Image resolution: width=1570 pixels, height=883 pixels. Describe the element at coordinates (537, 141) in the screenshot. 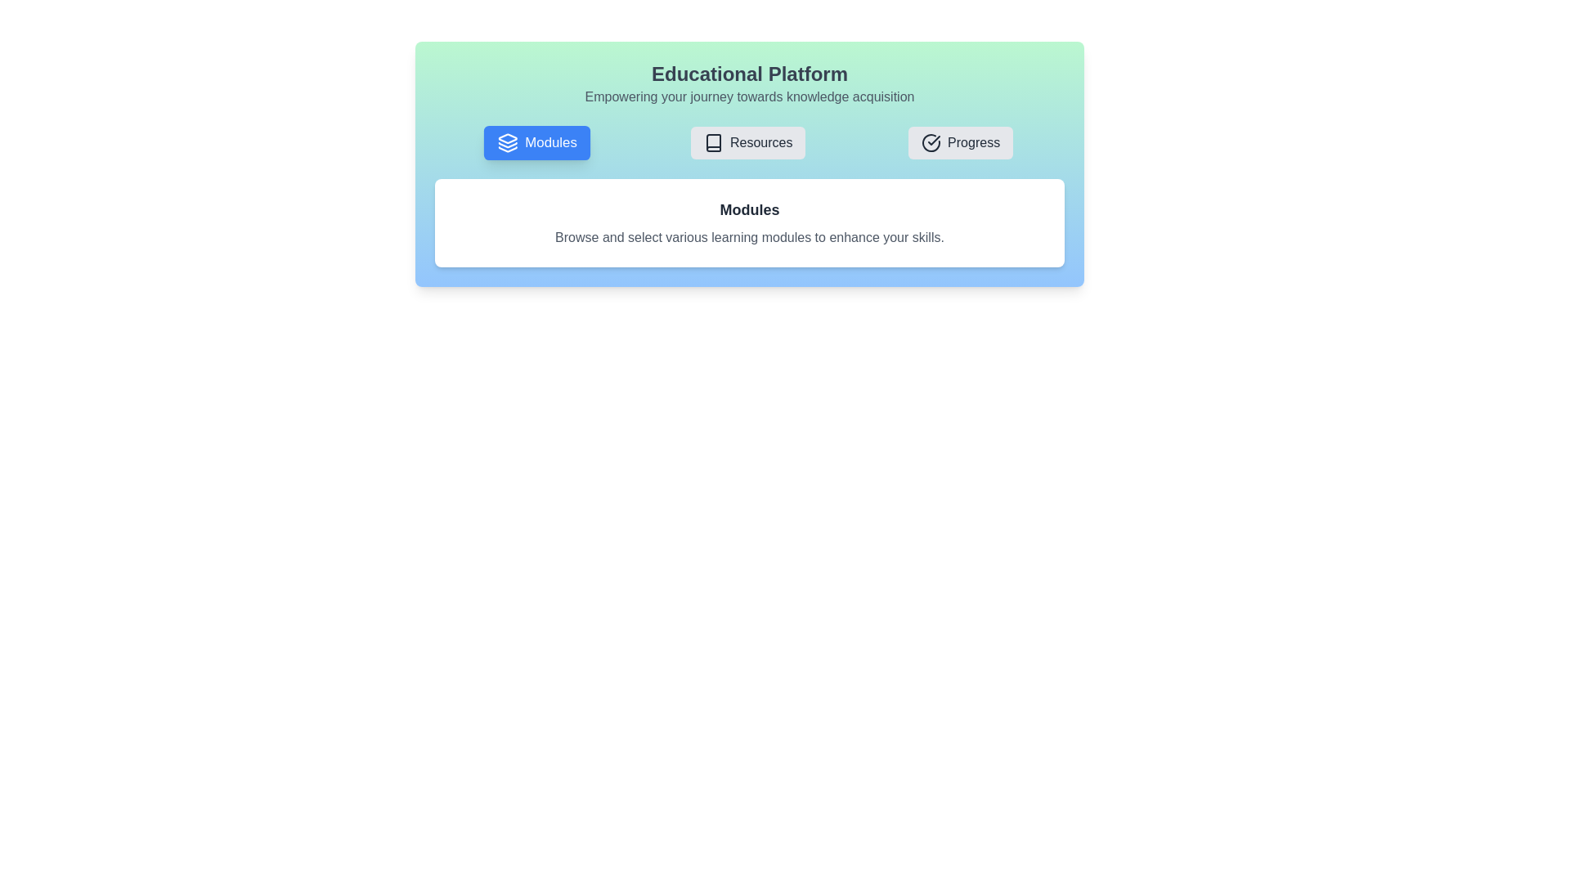

I see `the Modules tab to view its content` at that location.